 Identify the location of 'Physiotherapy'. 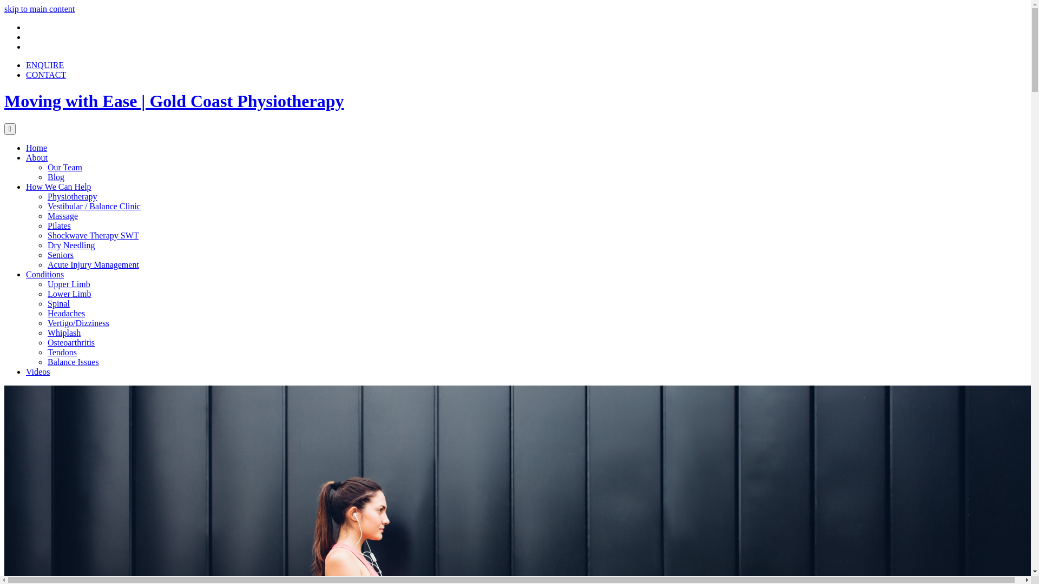
(72, 196).